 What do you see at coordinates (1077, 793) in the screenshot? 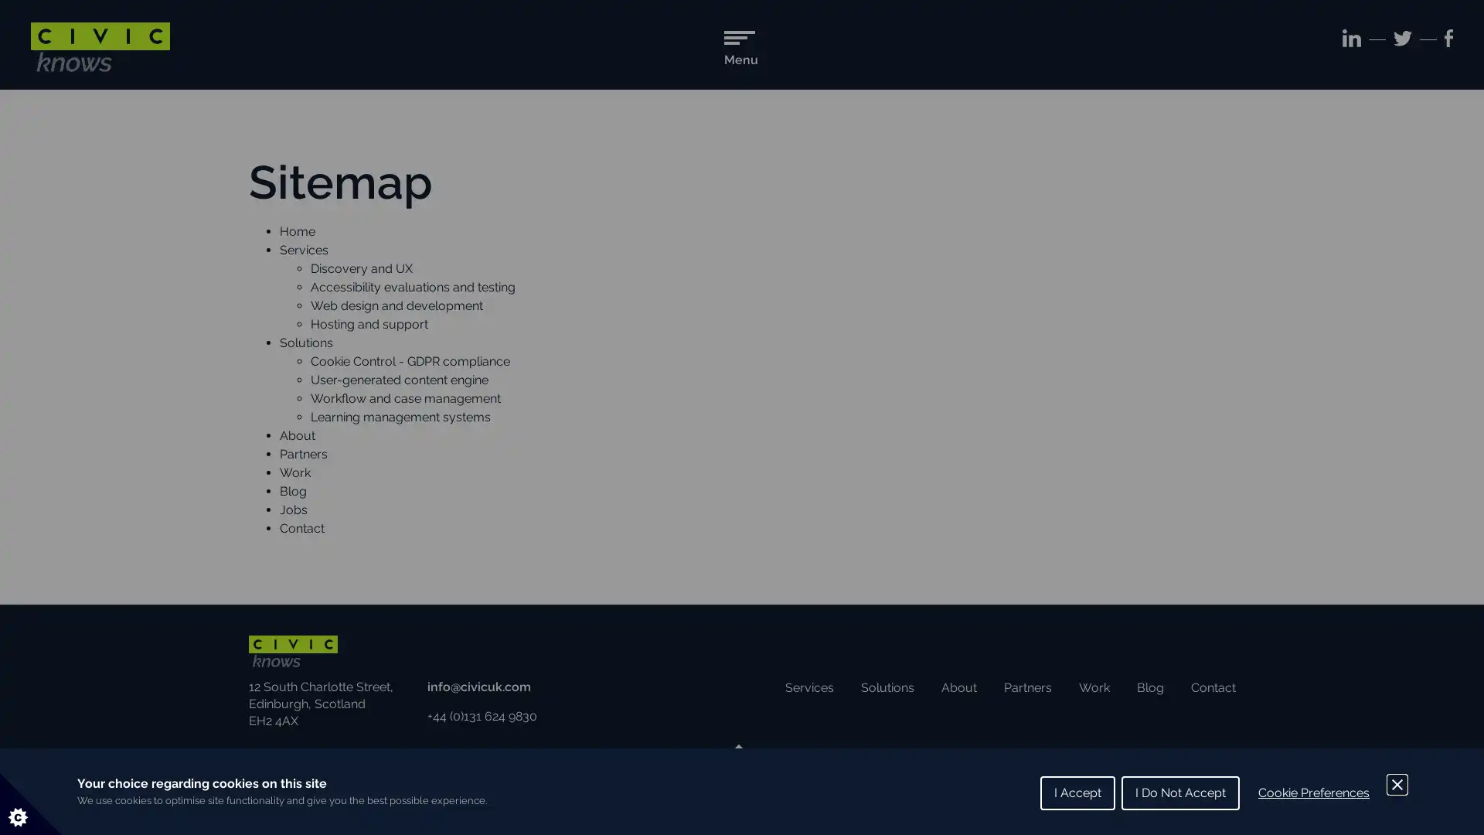
I see `I Accept` at bounding box center [1077, 793].